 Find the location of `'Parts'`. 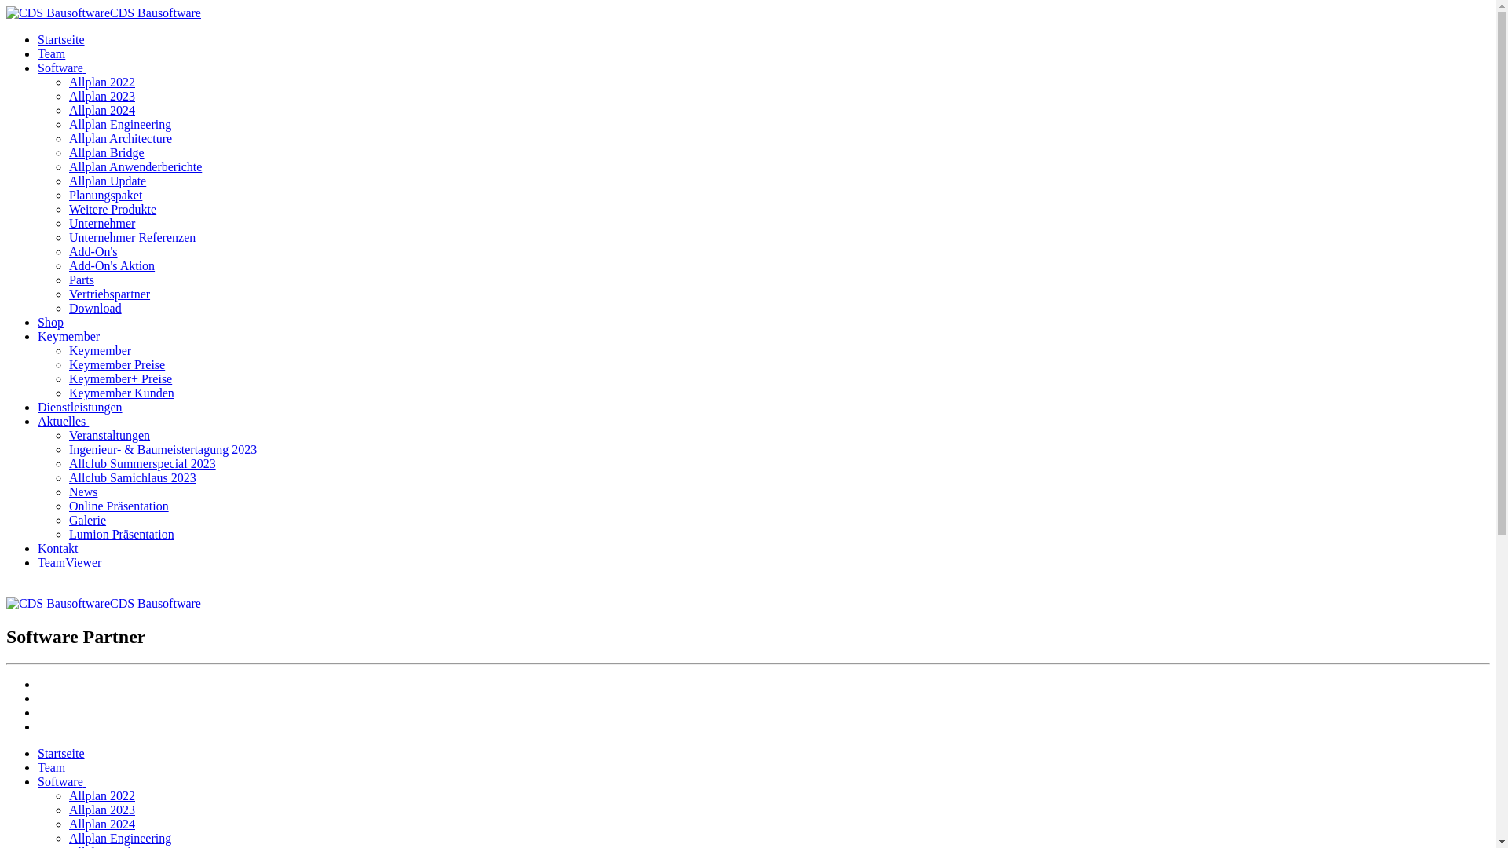

'Parts' is located at coordinates (81, 279).